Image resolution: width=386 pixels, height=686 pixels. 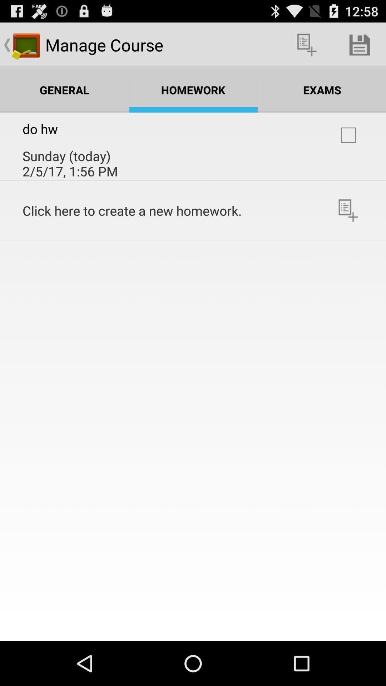 I want to click on icon above the exams, so click(x=360, y=44).